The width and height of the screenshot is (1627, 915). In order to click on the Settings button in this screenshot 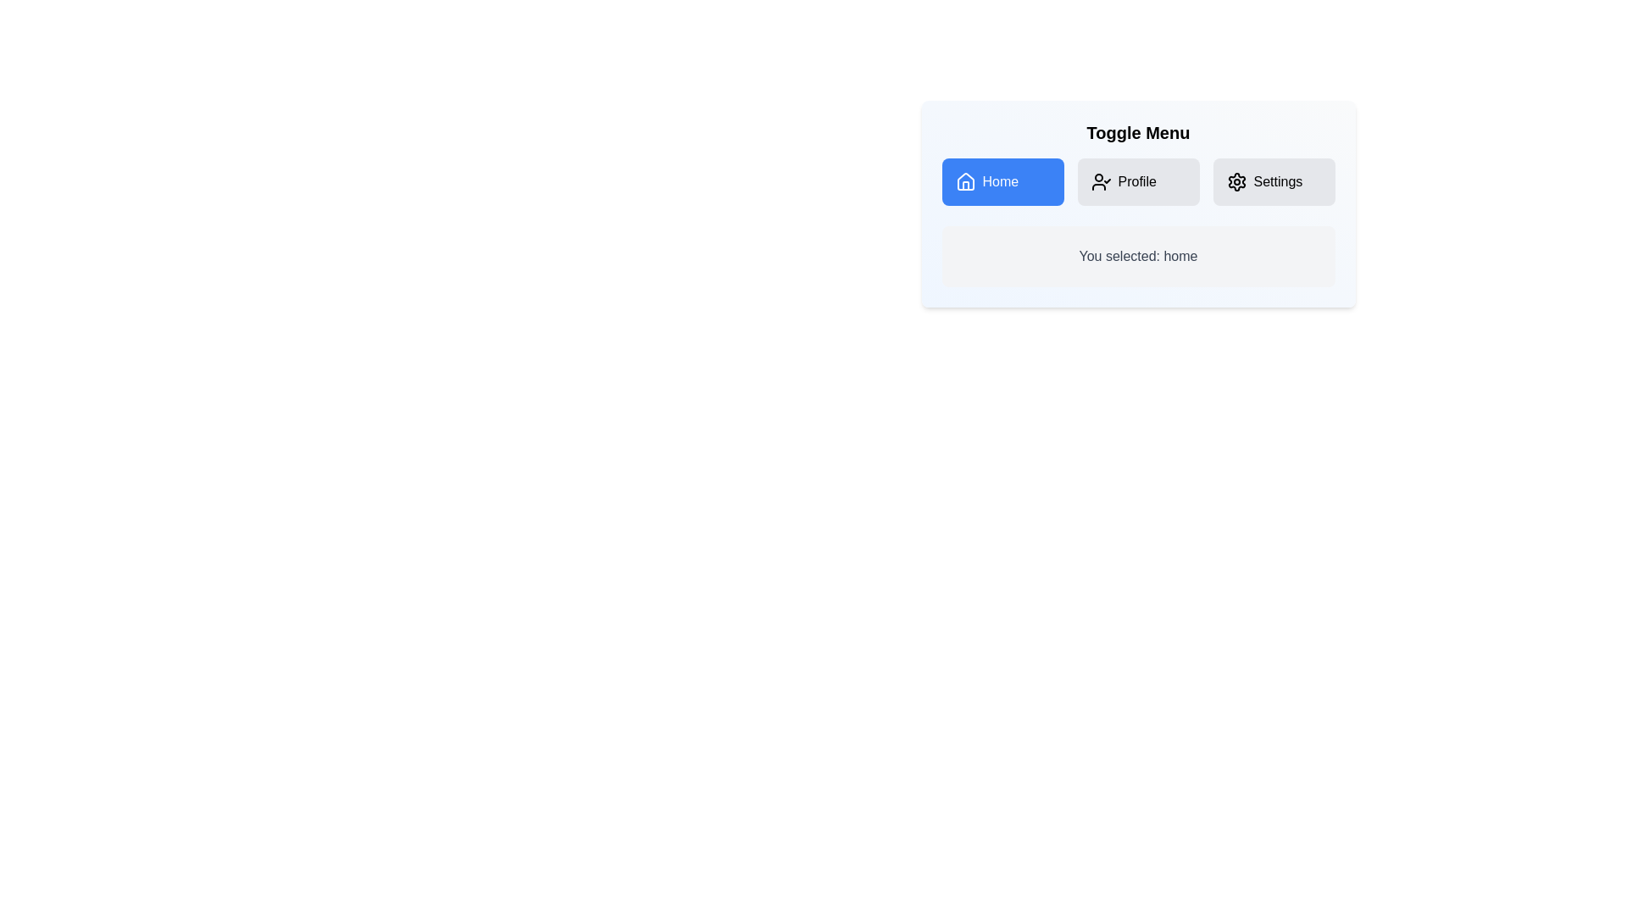, I will do `click(1274, 182)`.